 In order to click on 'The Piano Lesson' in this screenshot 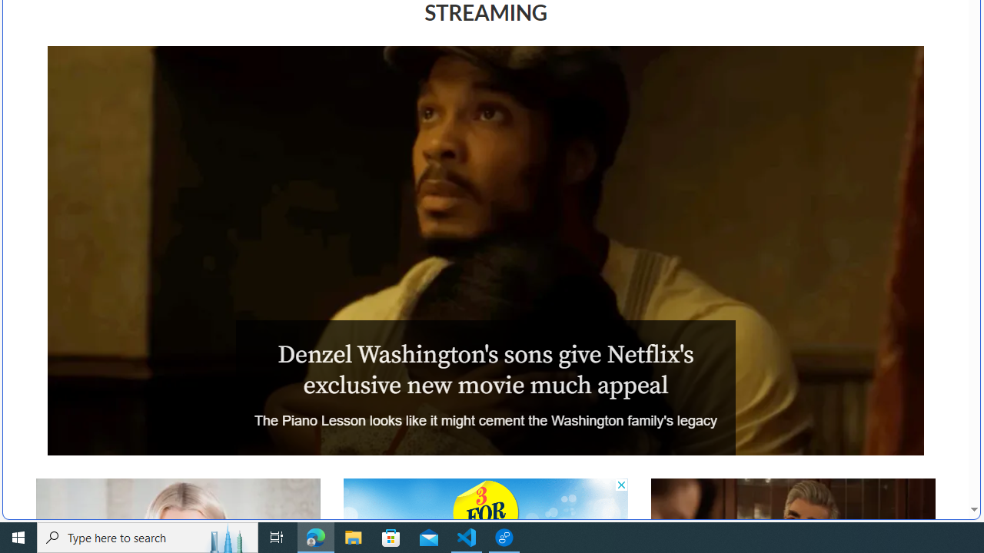, I will do `click(484, 250)`.